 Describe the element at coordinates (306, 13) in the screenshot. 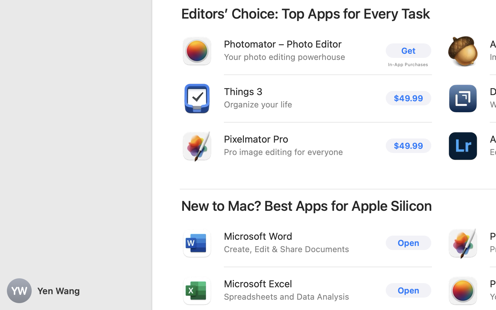

I see `'Editors’ Choice: Top Apps for Every Task'` at that location.